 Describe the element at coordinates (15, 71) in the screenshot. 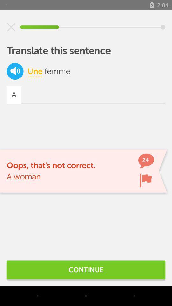

I see `the volume icon` at that location.